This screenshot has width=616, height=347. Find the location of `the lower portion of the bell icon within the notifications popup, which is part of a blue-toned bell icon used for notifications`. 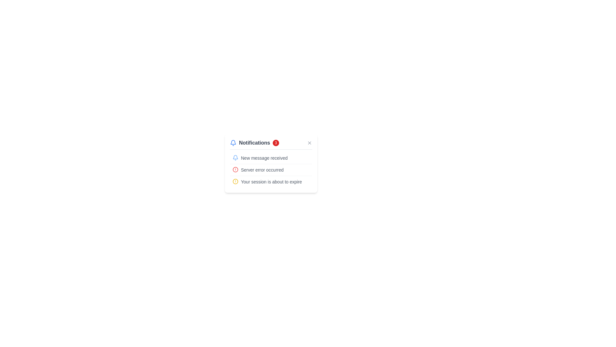

the lower portion of the bell icon within the notifications popup, which is part of a blue-toned bell icon used for notifications is located at coordinates (233, 142).